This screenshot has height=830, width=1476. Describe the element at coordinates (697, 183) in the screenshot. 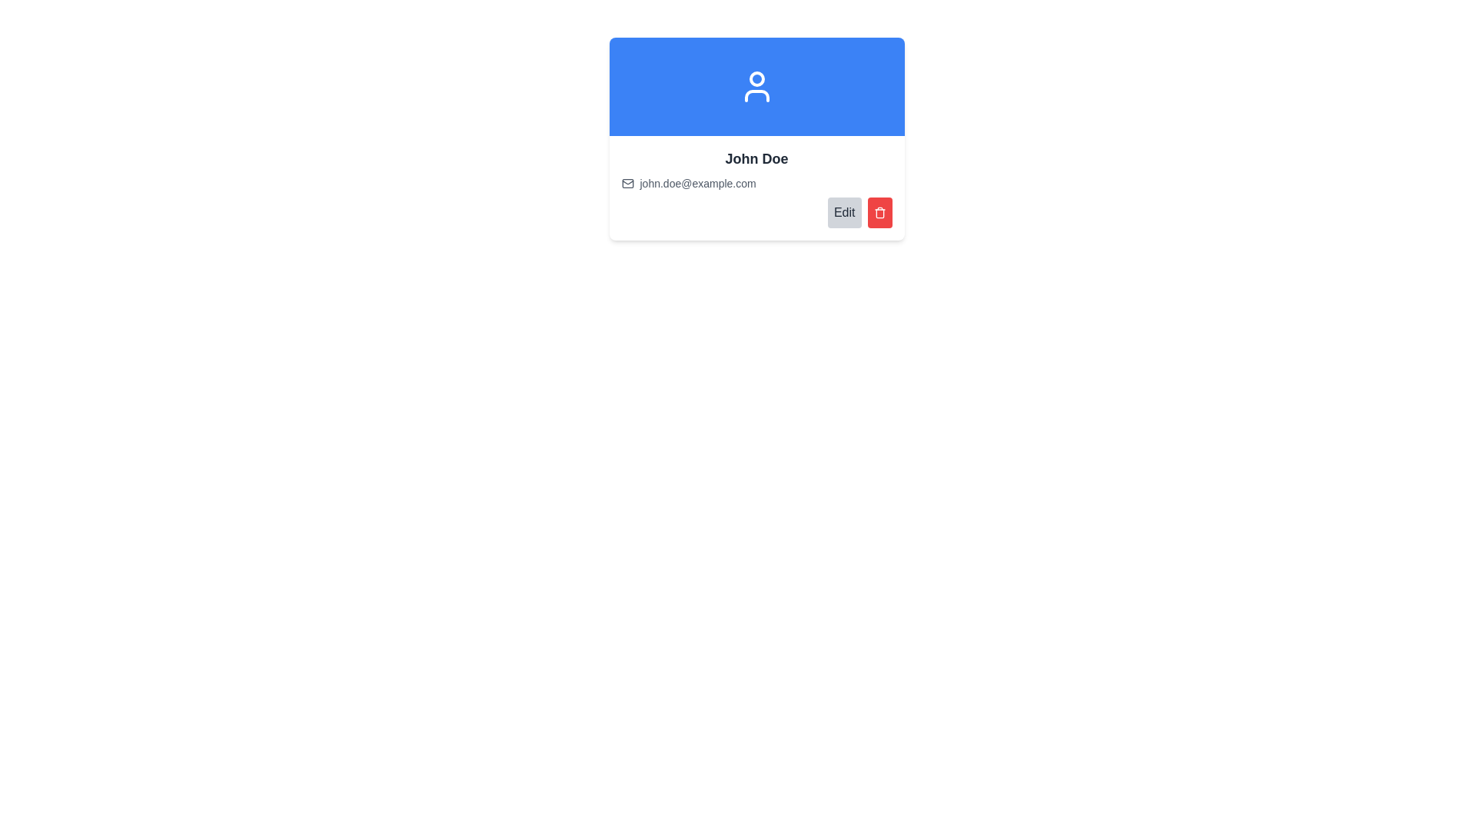

I see `the text displaying the email address associated with the profile of 'John Doe', located directly below the name and aligned with the email icon` at that location.